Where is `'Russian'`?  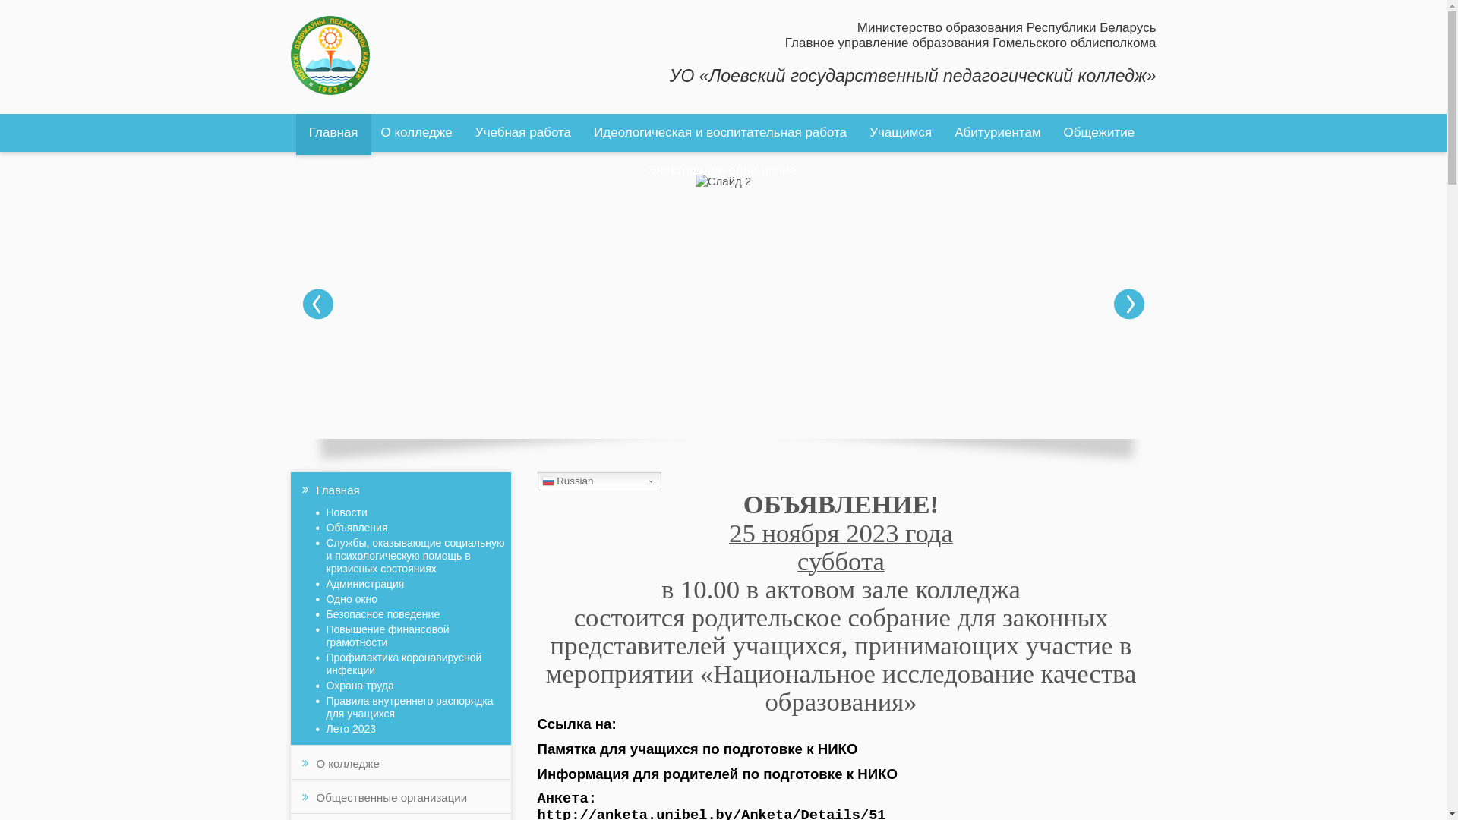 'Russian' is located at coordinates (598, 481).